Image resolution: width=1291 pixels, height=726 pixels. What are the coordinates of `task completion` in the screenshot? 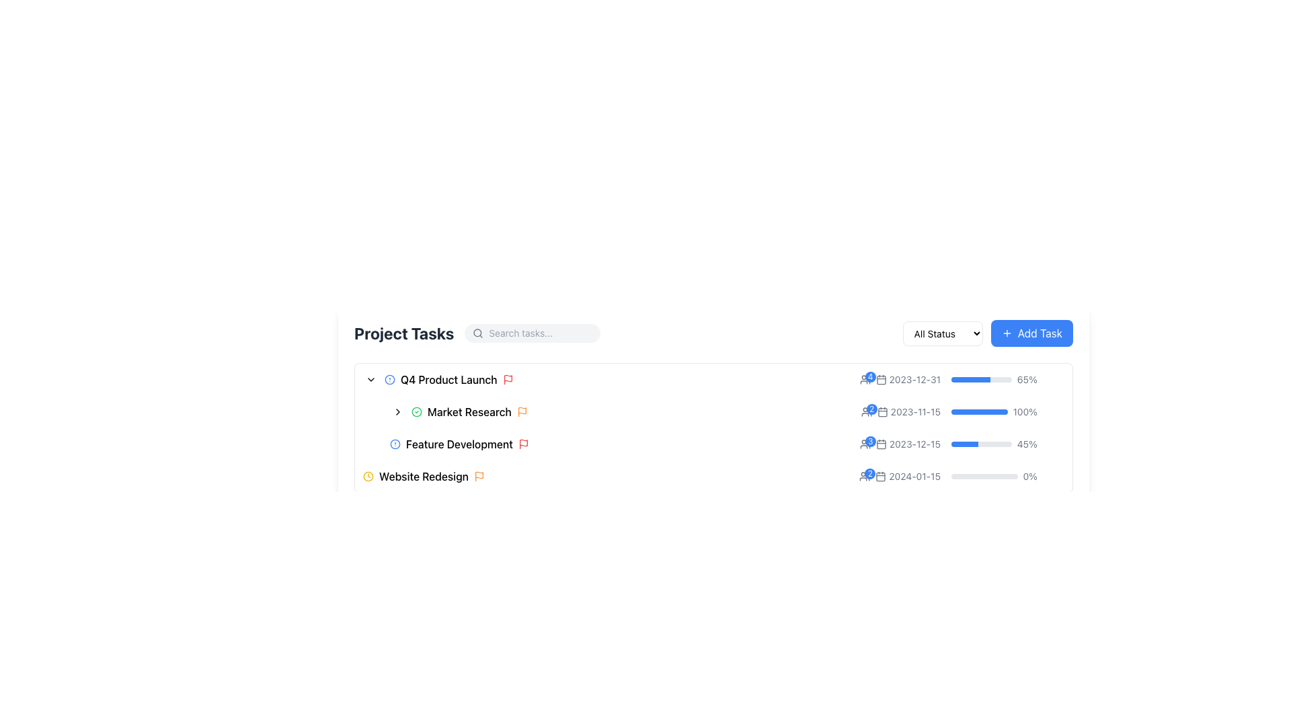 It's located at (964, 379).